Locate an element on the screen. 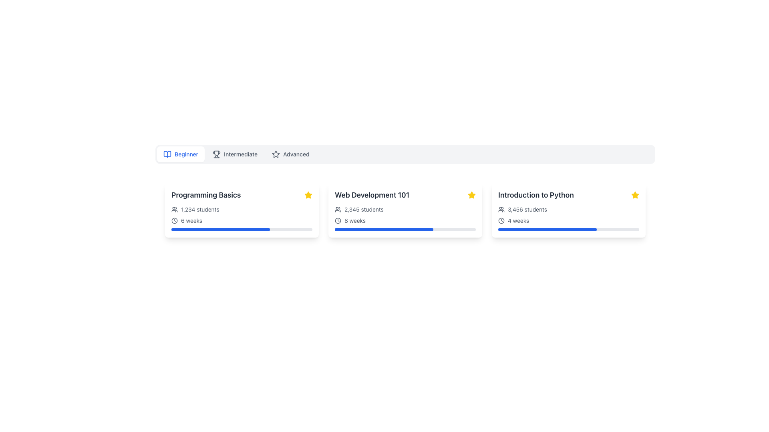 Image resolution: width=769 pixels, height=432 pixels. the progress bar indicating 70% completion for the 'Programming Basics' course, which is located at the bottom of its card on a gray background is located at coordinates (221, 230).